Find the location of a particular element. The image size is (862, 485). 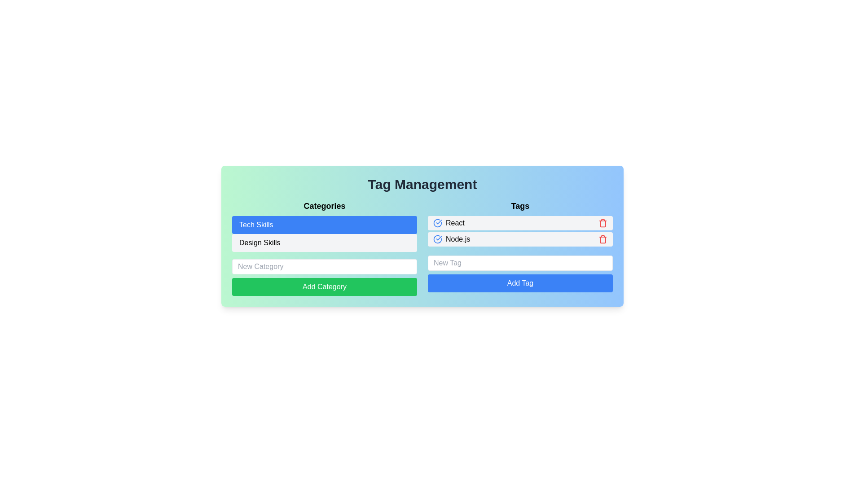

the 'React' text label with the blue check mark icon located in the 'Tags' section, specifically the first row of tags, to the left of the delete icon is located at coordinates (449, 223).